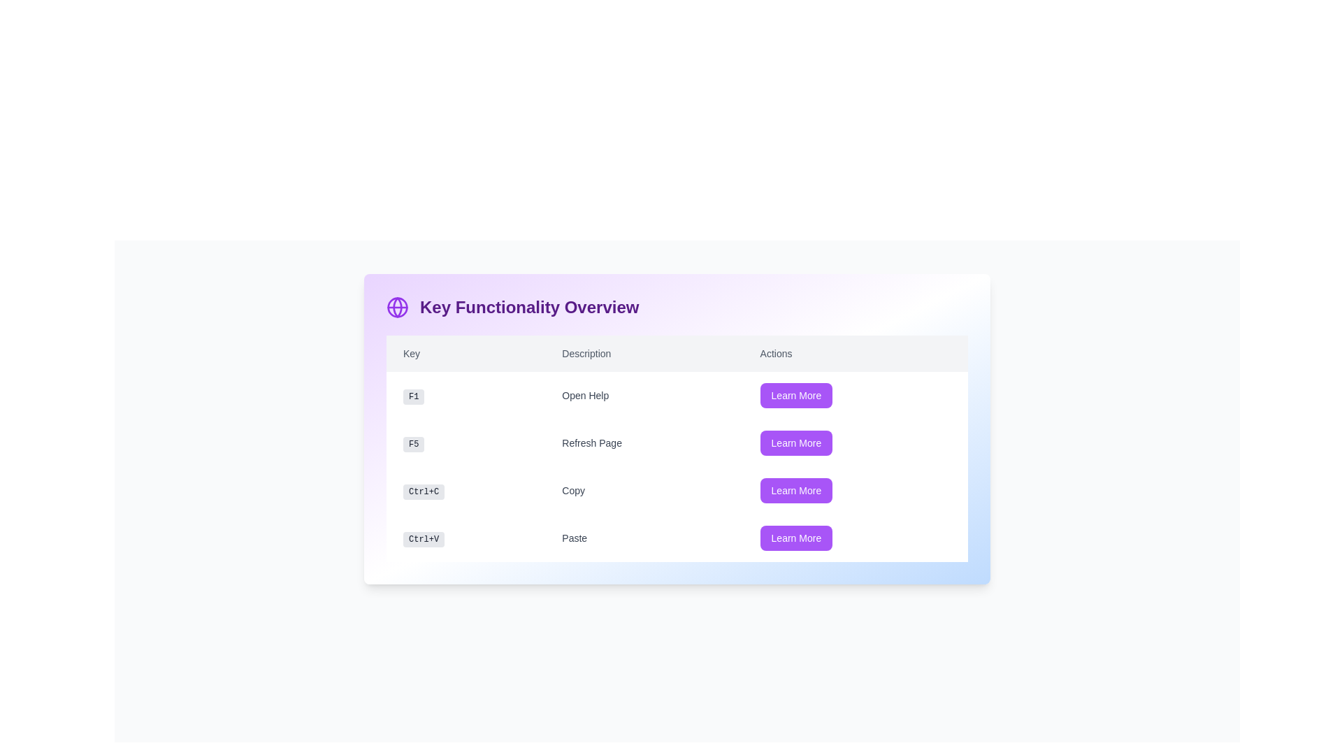  Describe the element at coordinates (643, 396) in the screenshot. I see `the text label that provides contextual information about the functionality triggered by pressing 'F1'` at that location.